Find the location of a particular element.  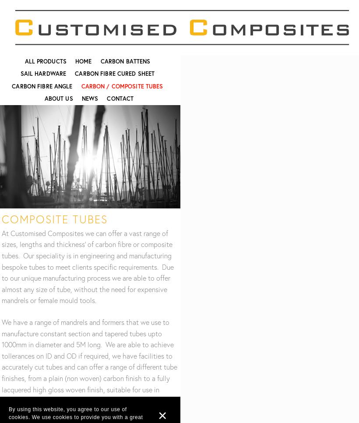

'News' is located at coordinates (90, 98).